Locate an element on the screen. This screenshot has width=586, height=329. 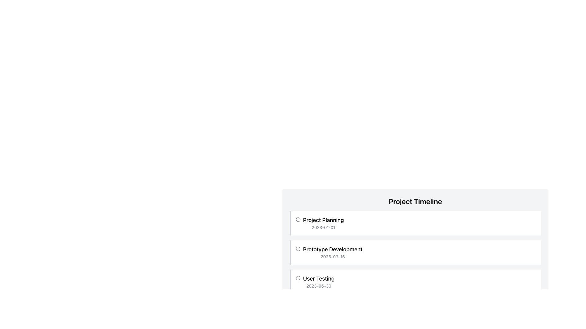
text label displaying the date '2023-06-30' that is positioned below 'User Testing' in the 'Project Timeline' section is located at coordinates (318, 286).